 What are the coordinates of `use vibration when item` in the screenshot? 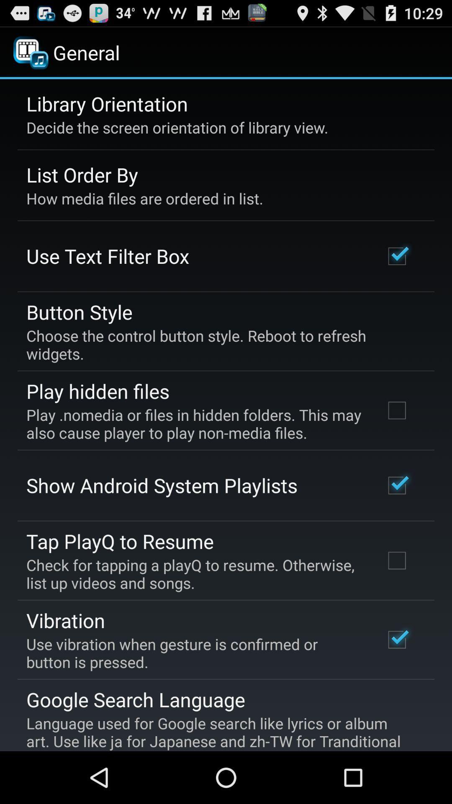 It's located at (194, 652).